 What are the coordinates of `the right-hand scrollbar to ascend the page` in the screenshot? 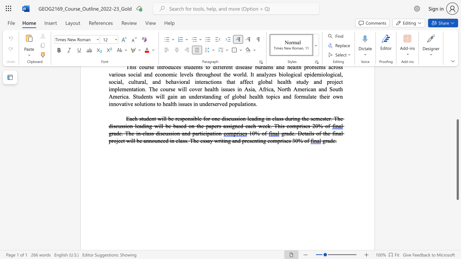 It's located at (457, 112).